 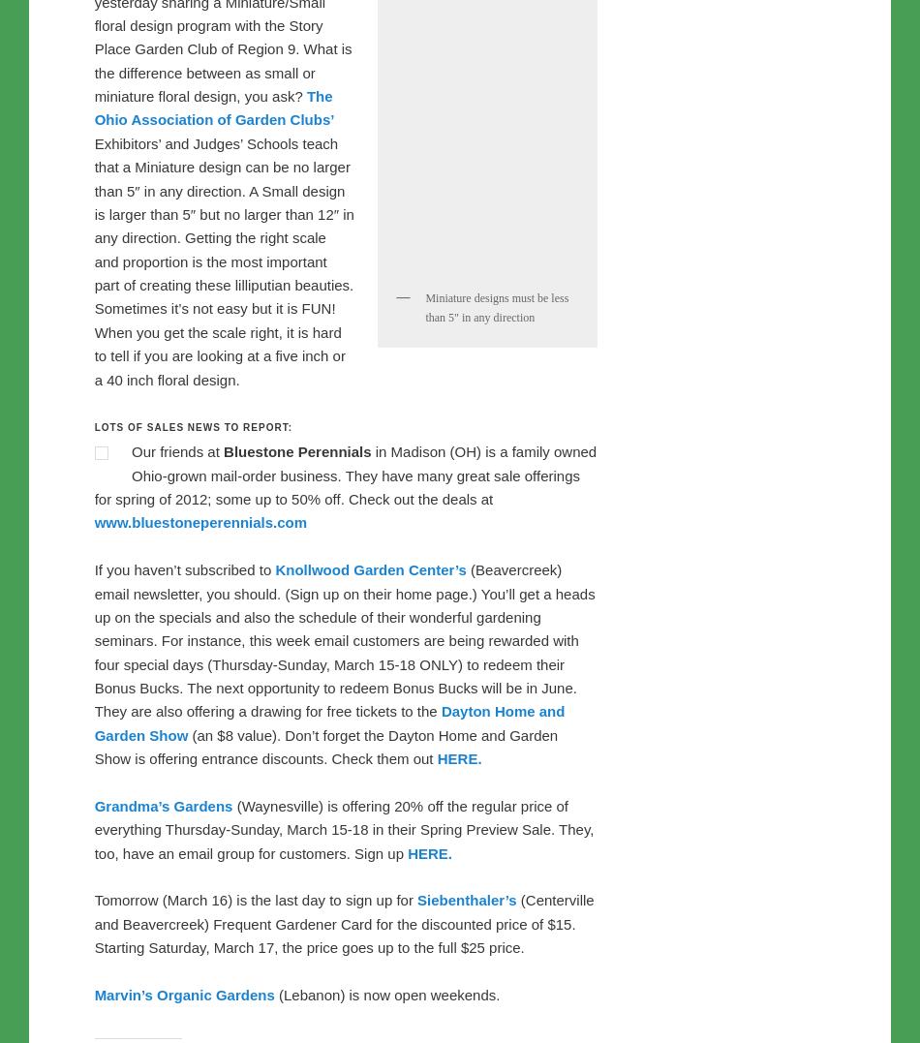 What do you see at coordinates (93, 616) in the screenshot?
I see `'If you haven’t subscribed to'` at bounding box center [93, 616].